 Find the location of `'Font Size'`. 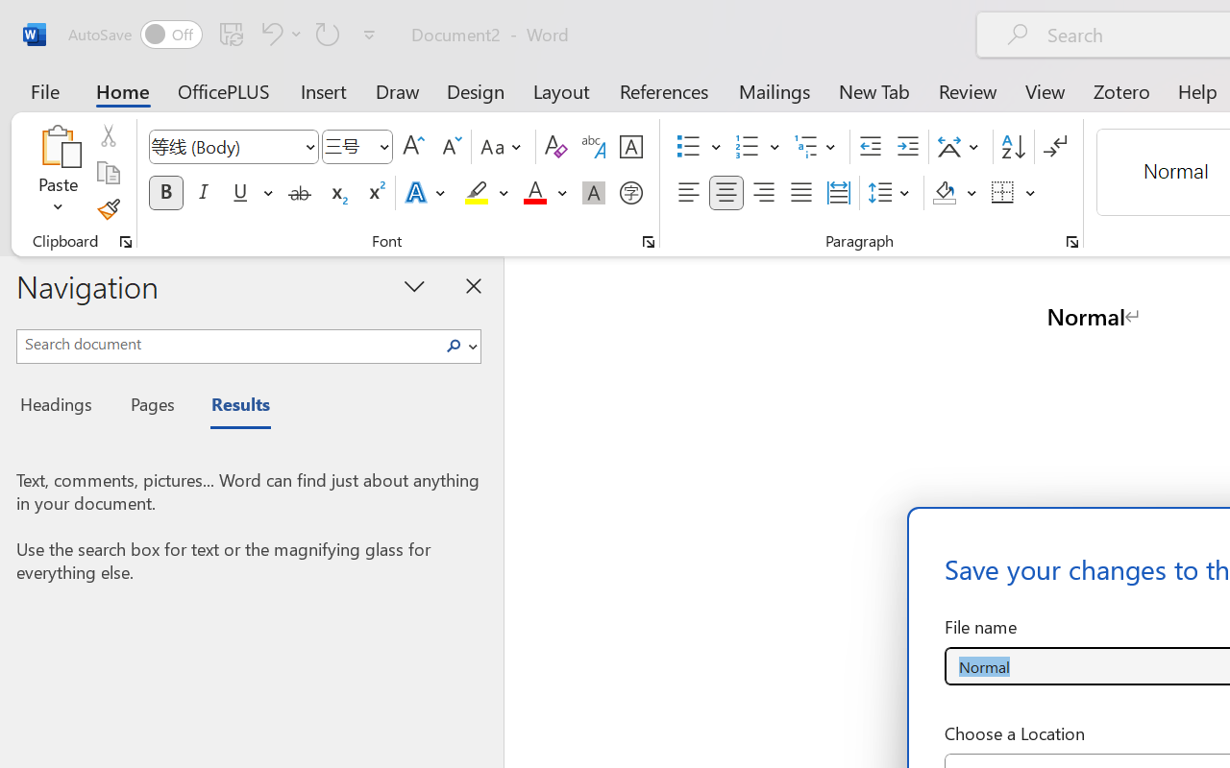

'Font Size' is located at coordinates (348, 146).